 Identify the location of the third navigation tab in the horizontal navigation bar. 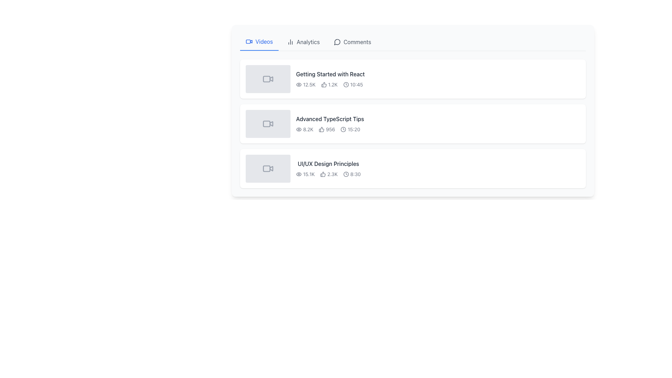
(352, 42).